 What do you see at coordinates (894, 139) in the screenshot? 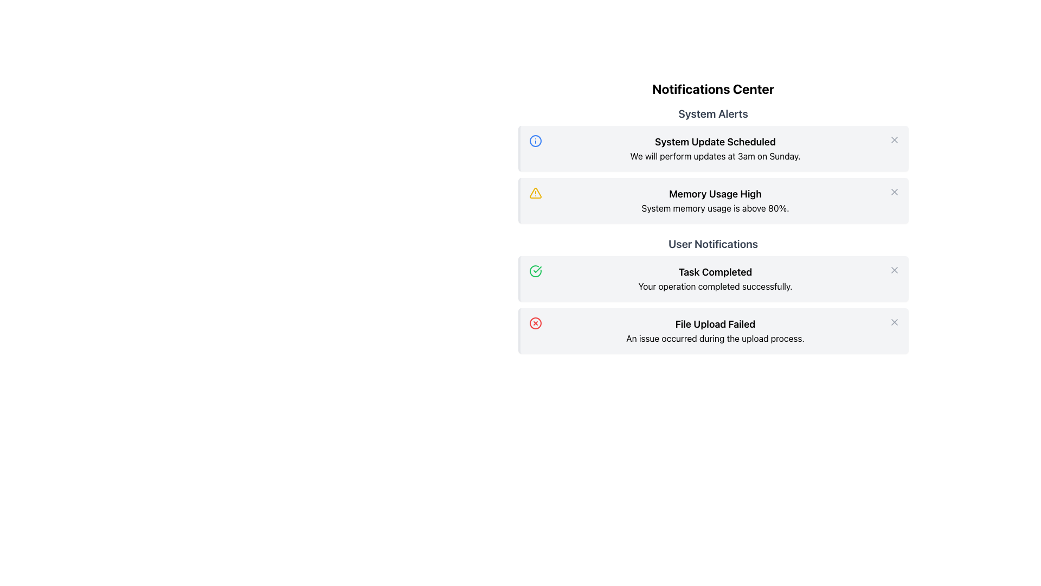
I see `the dismiss button for the 'System Update Scheduled' notification to change its color` at bounding box center [894, 139].